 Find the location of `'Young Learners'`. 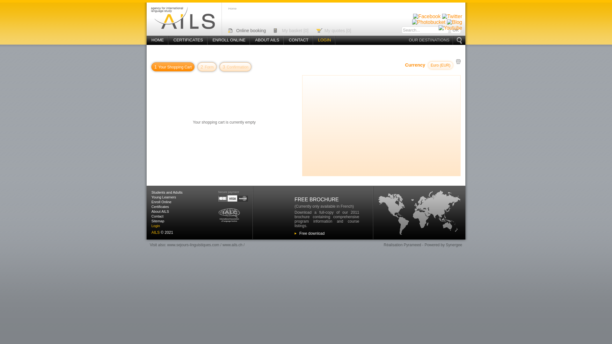

'Young Learners' is located at coordinates (164, 197).